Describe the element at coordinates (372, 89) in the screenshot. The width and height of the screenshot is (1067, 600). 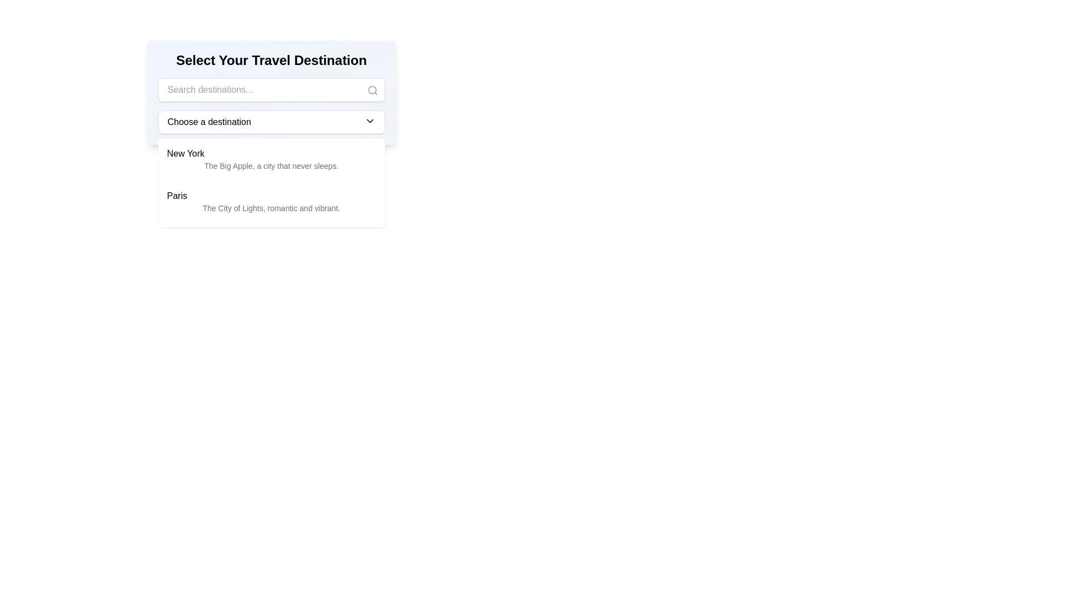
I see `the light gray magnifying glass icon with a rounded handle and circular lens, located at the right end of the search bar` at that location.